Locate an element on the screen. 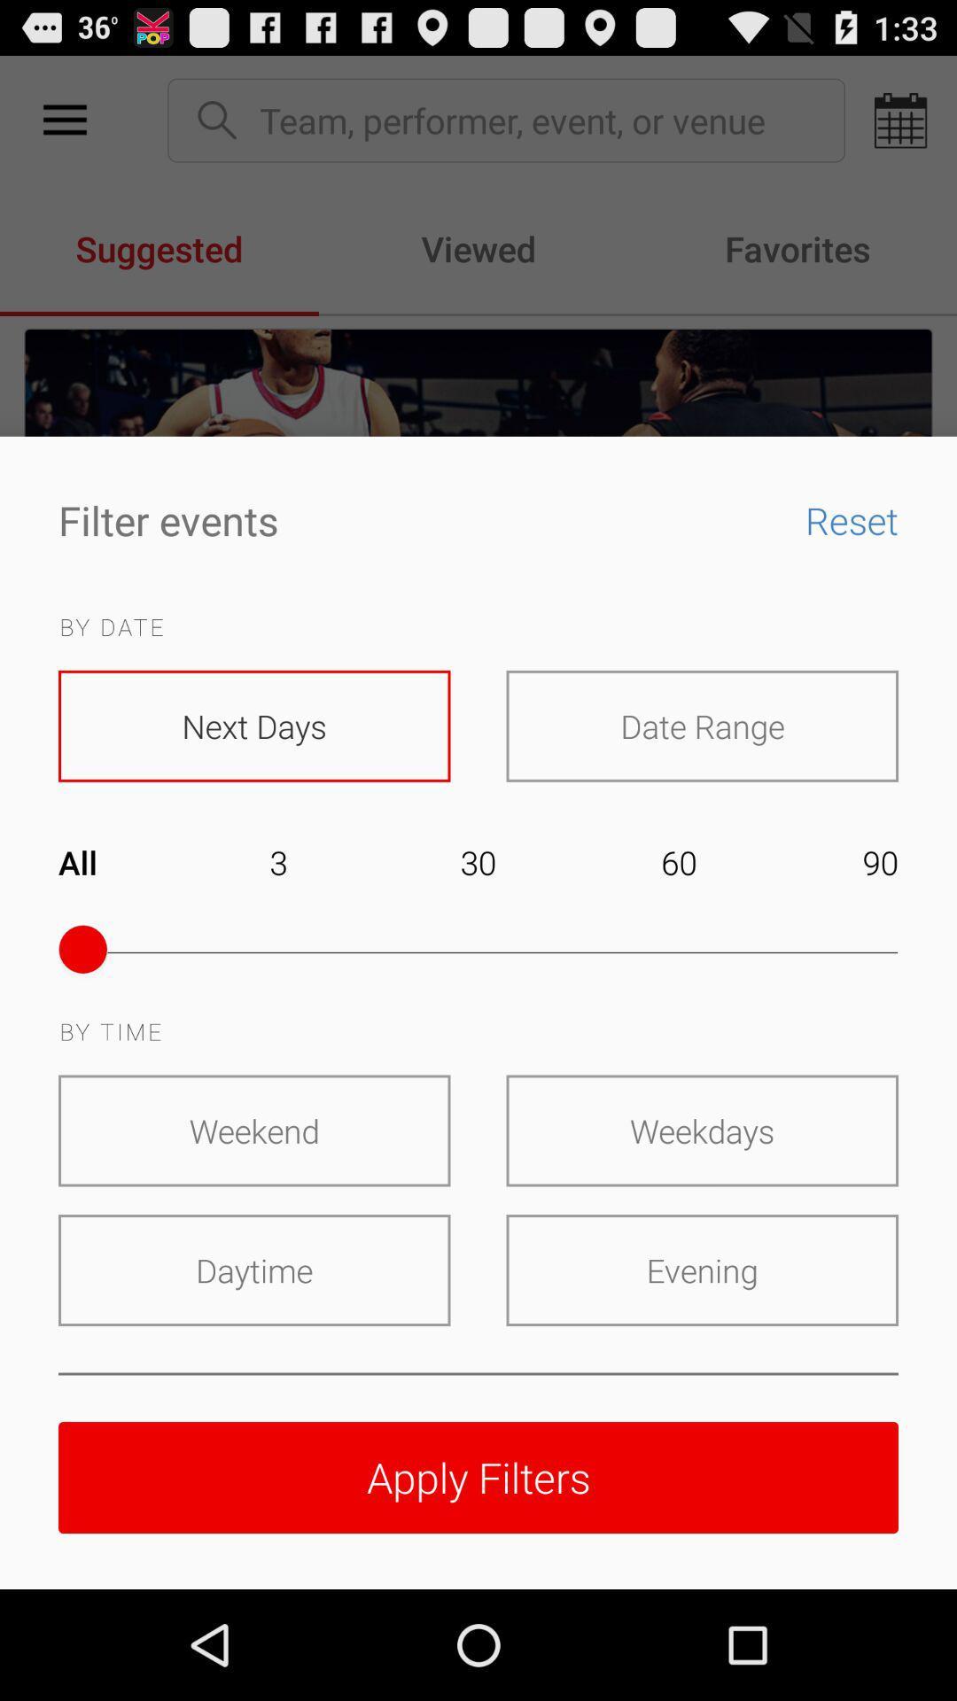 Image resolution: width=957 pixels, height=1701 pixels. the daytime is located at coordinates (254, 1270).